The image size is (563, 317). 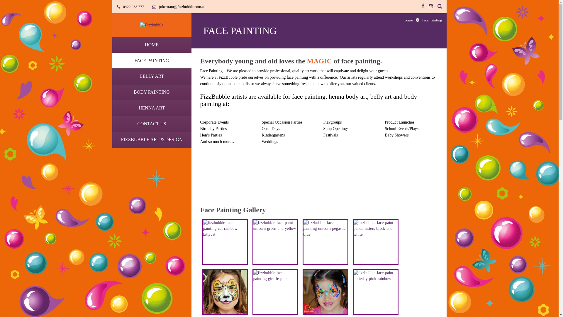 I want to click on 'fizzbubble-face-painting-cat-rainbow-kittycat', so click(x=225, y=242).